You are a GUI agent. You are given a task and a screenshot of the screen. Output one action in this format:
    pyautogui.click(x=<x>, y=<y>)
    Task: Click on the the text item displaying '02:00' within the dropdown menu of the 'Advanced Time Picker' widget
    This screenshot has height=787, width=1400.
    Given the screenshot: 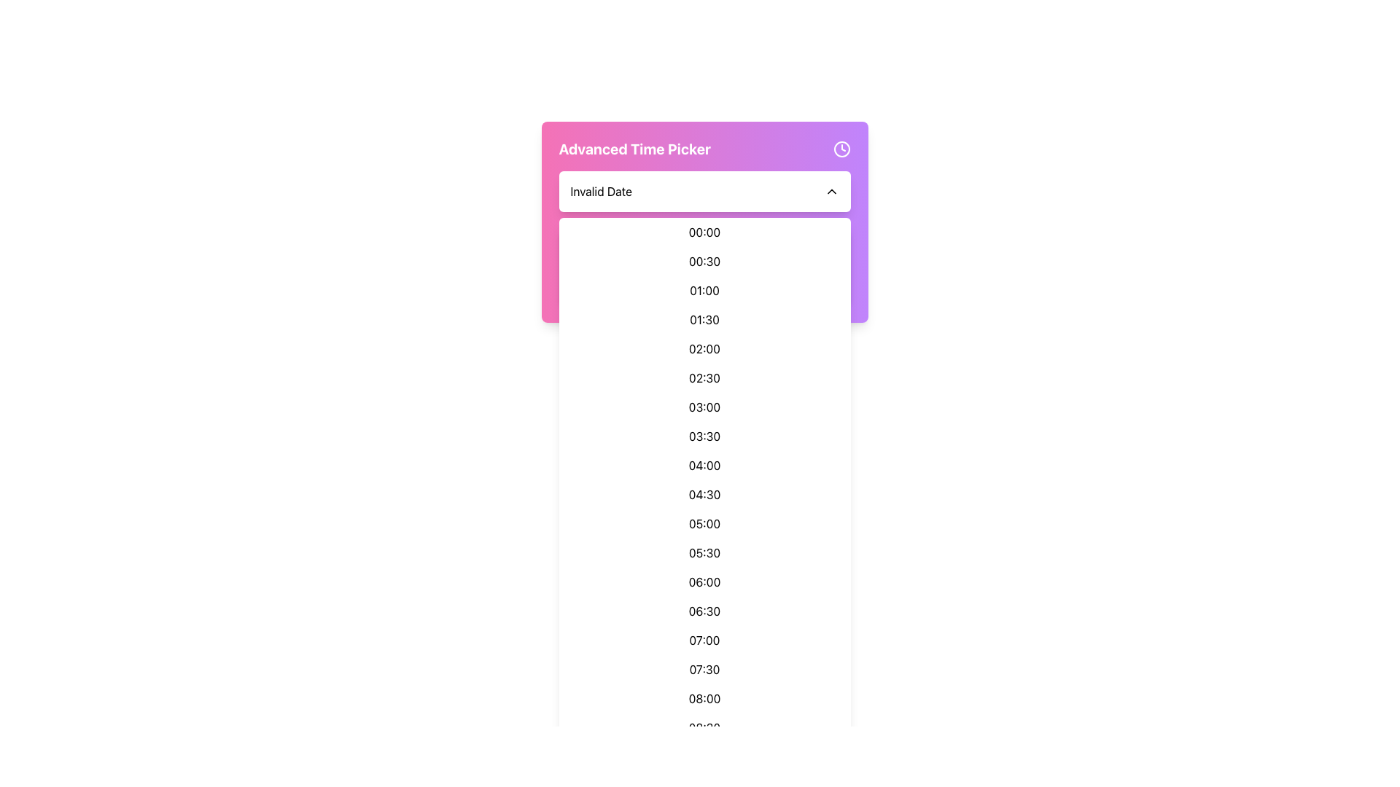 What is the action you would take?
    pyautogui.click(x=704, y=348)
    